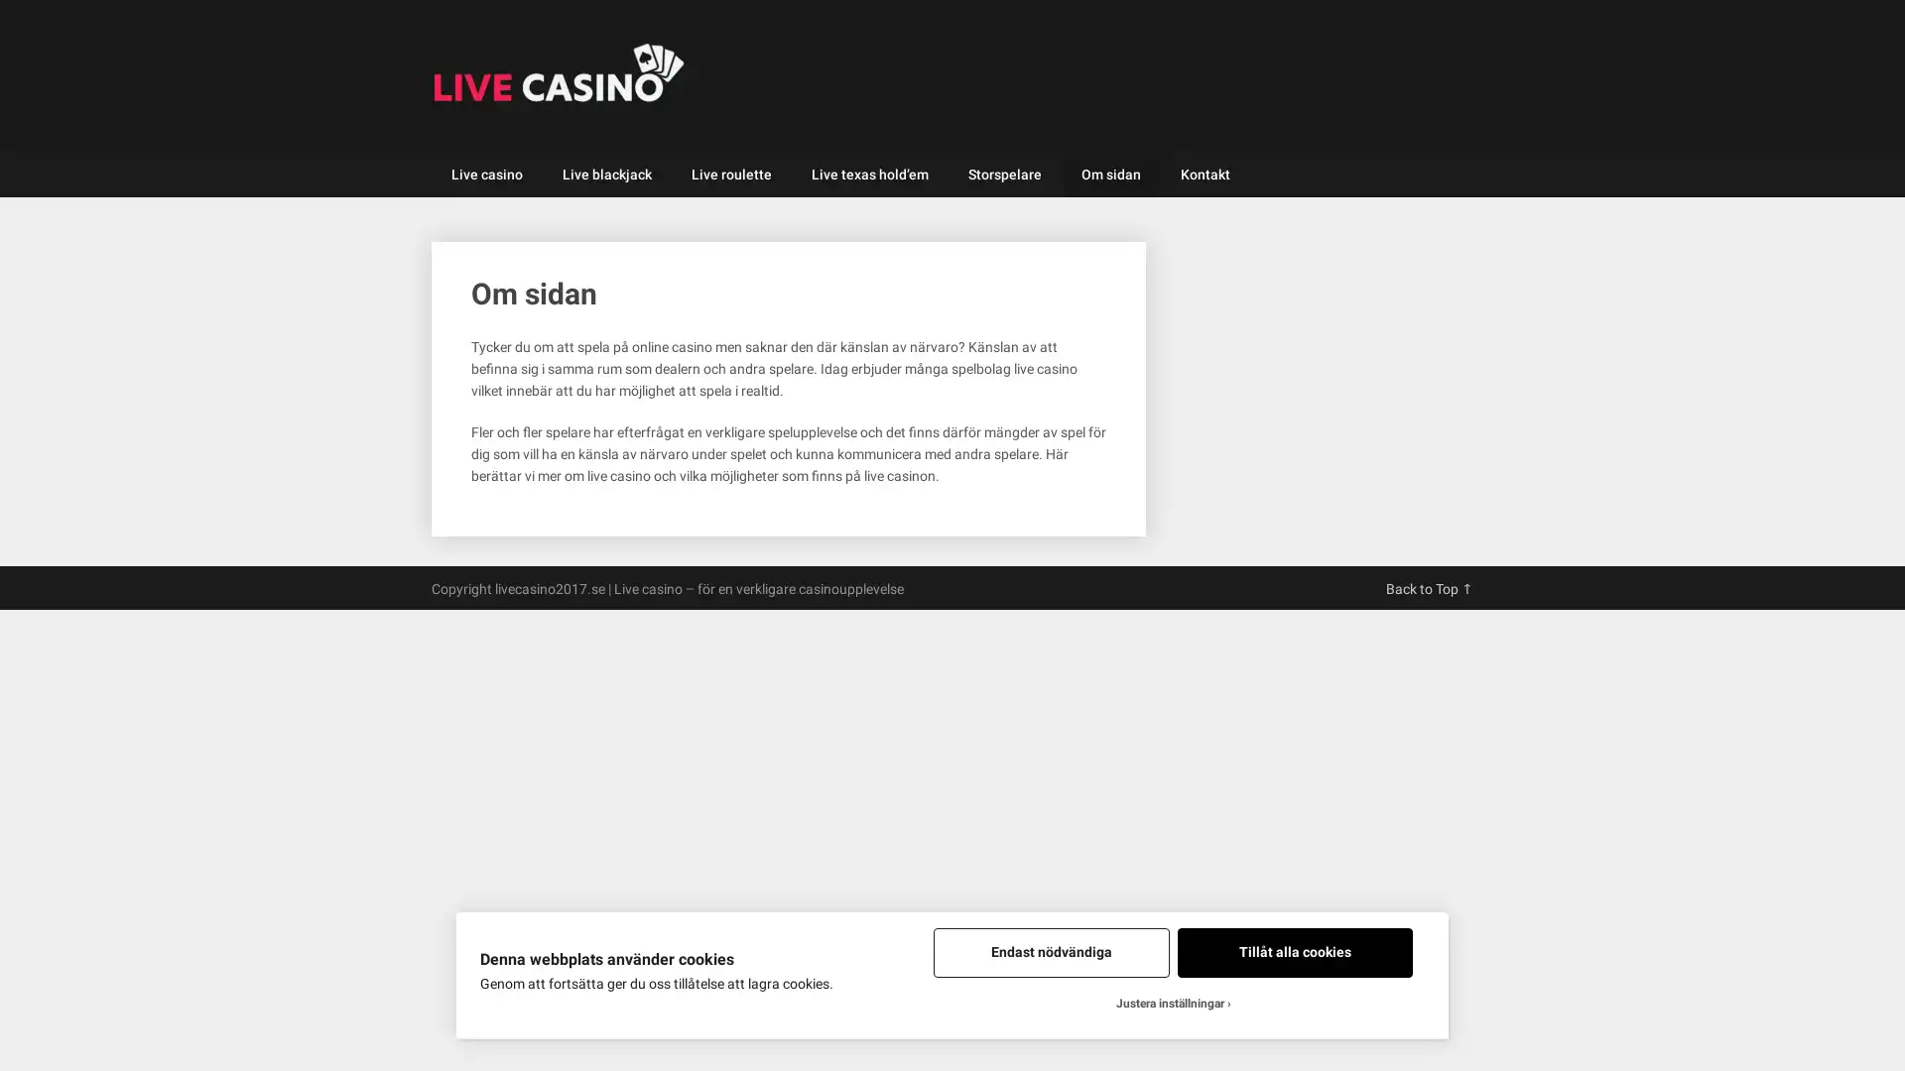 The height and width of the screenshot is (1071, 1905). I want to click on Tillat alla cookies, so click(1295, 951).